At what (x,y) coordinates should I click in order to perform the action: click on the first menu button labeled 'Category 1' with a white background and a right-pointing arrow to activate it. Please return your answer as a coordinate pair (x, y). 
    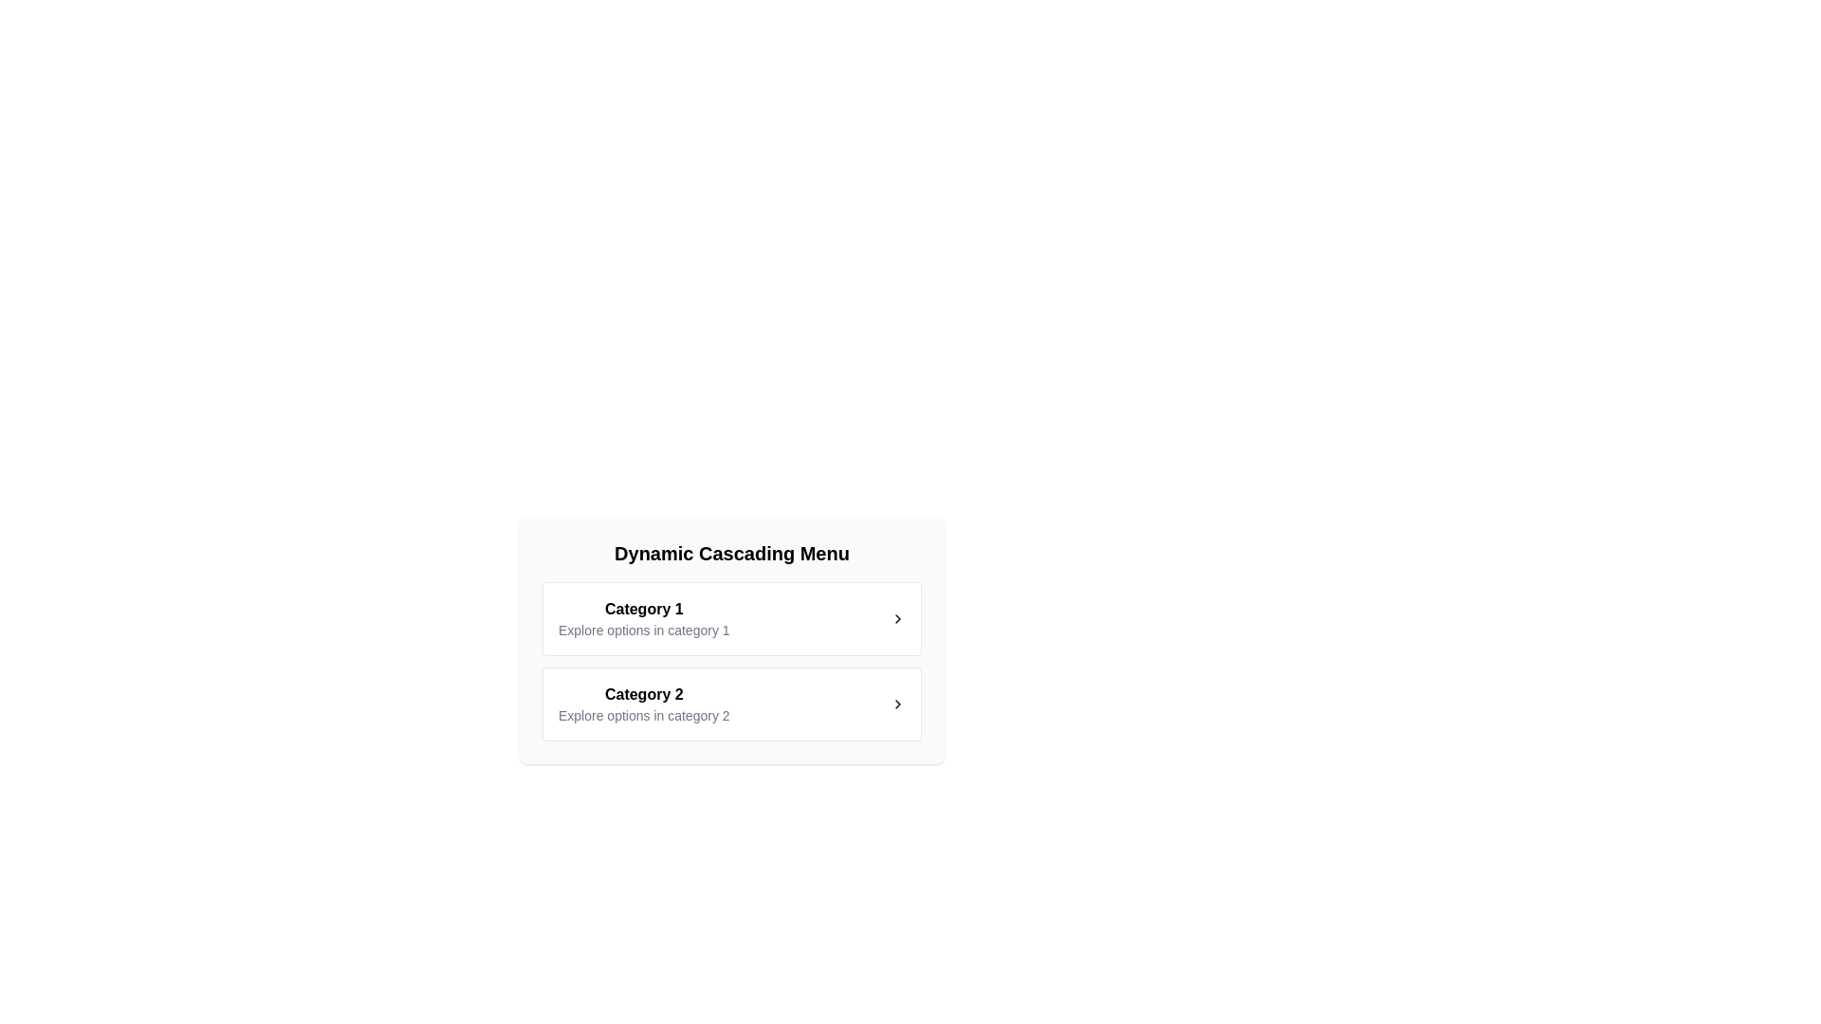
    Looking at the image, I should click on (731, 618).